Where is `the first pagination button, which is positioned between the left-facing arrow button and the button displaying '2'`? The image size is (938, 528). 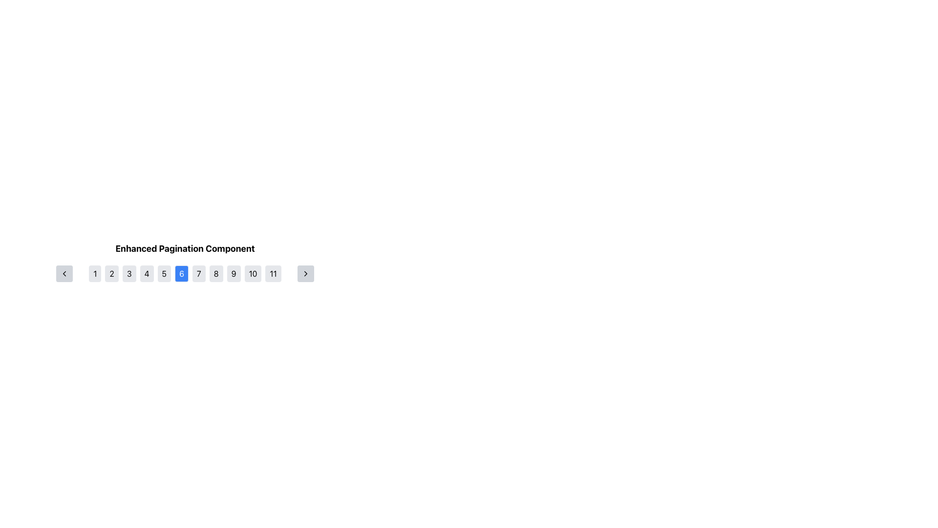
the first pagination button, which is positioned between the left-facing arrow button and the button displaying '2' is located at coordinates (95, 273).